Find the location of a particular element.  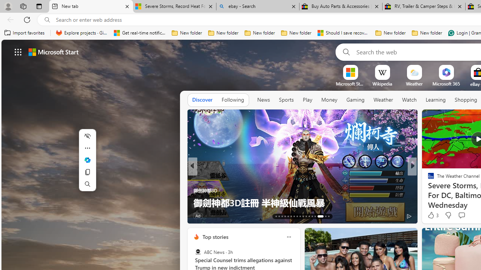

'AutomationID: tab-28' is located at coordinates (323, 216).